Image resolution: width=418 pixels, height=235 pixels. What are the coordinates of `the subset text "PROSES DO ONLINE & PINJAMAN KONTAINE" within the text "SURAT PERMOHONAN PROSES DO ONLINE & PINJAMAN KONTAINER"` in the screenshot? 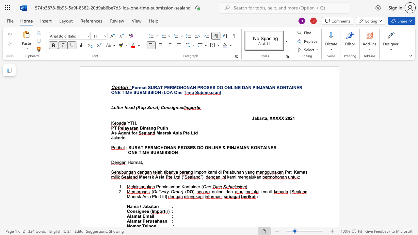 It's located at (178, 148).